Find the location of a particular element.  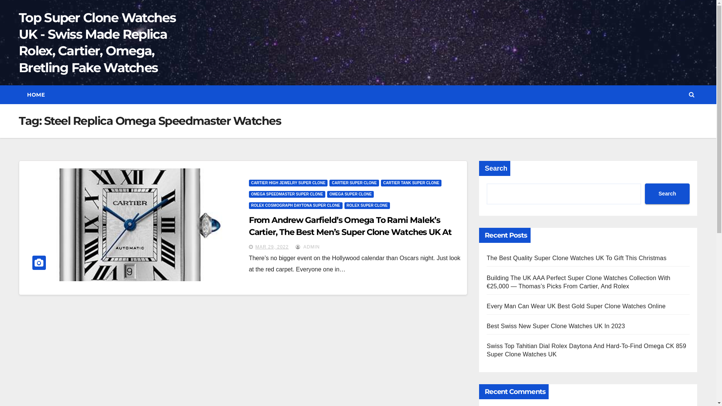

'Search' is located at coordinates (667, 193).